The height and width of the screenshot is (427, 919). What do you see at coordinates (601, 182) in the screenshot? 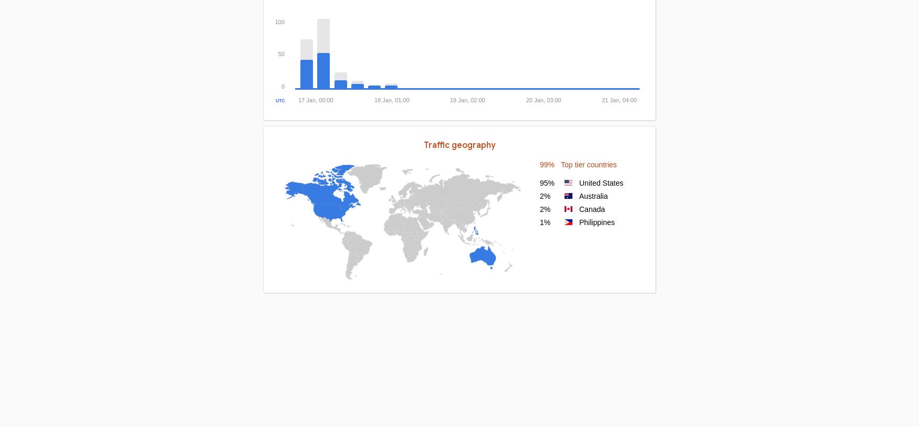
I see `'United States'` at bounding box center [601, 182].